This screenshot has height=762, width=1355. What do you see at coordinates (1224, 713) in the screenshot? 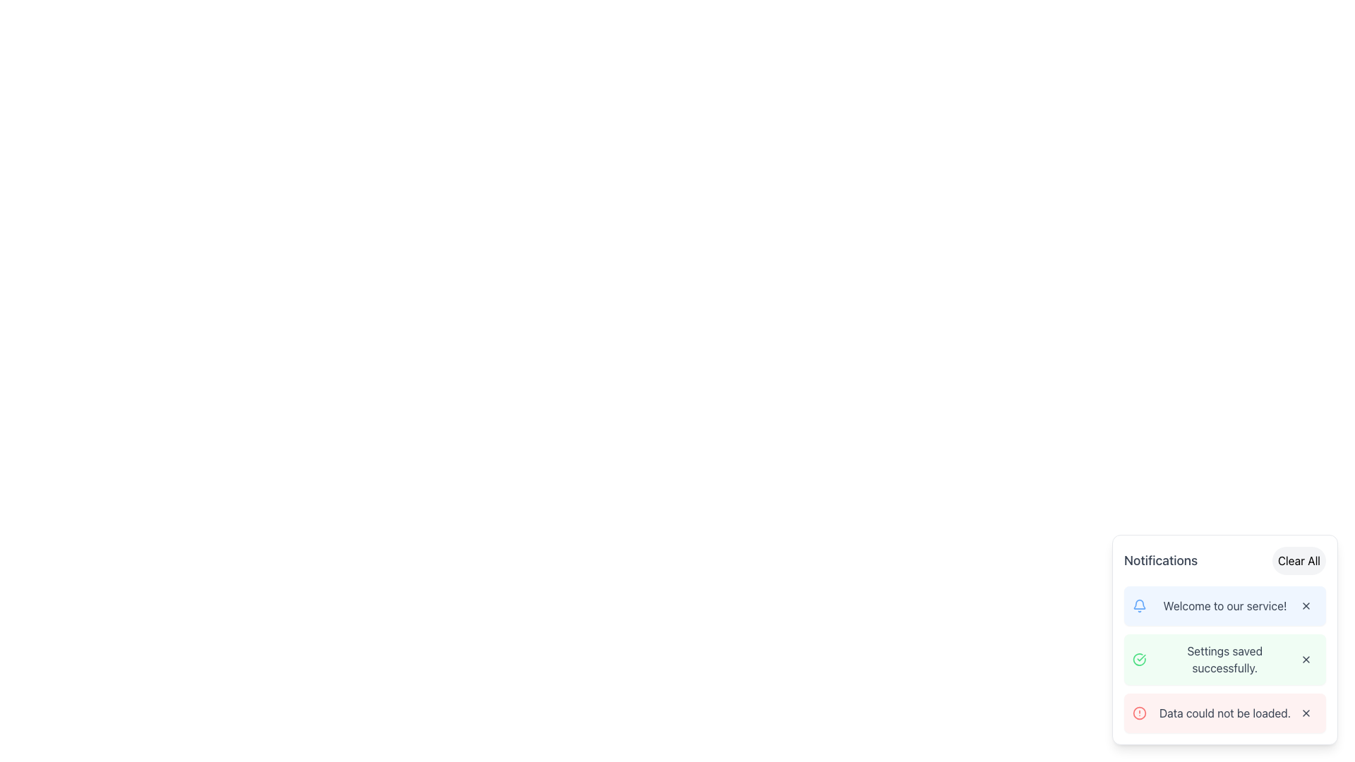
I see `informational text message displayed in the last notification entry of the notification panel, which indicates a failure to load data. This text is positioned to the right of a red circular icon within a rounded card that has a light red background` at bounding box center [1224, 713].